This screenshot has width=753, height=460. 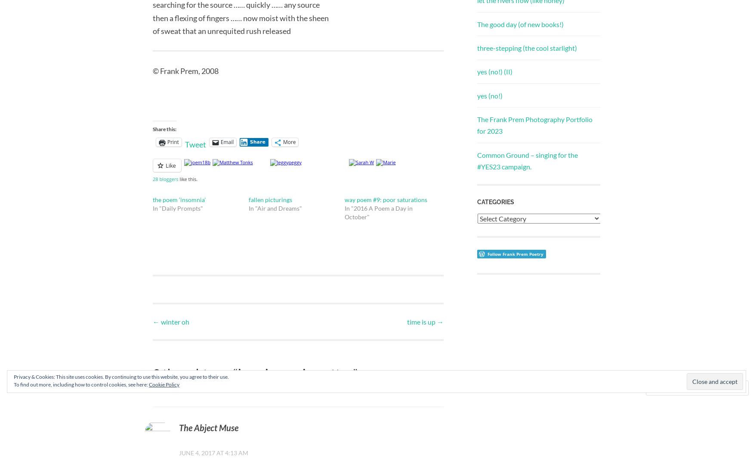 I want to click on 'Tweet', so click(x=195, y=144).